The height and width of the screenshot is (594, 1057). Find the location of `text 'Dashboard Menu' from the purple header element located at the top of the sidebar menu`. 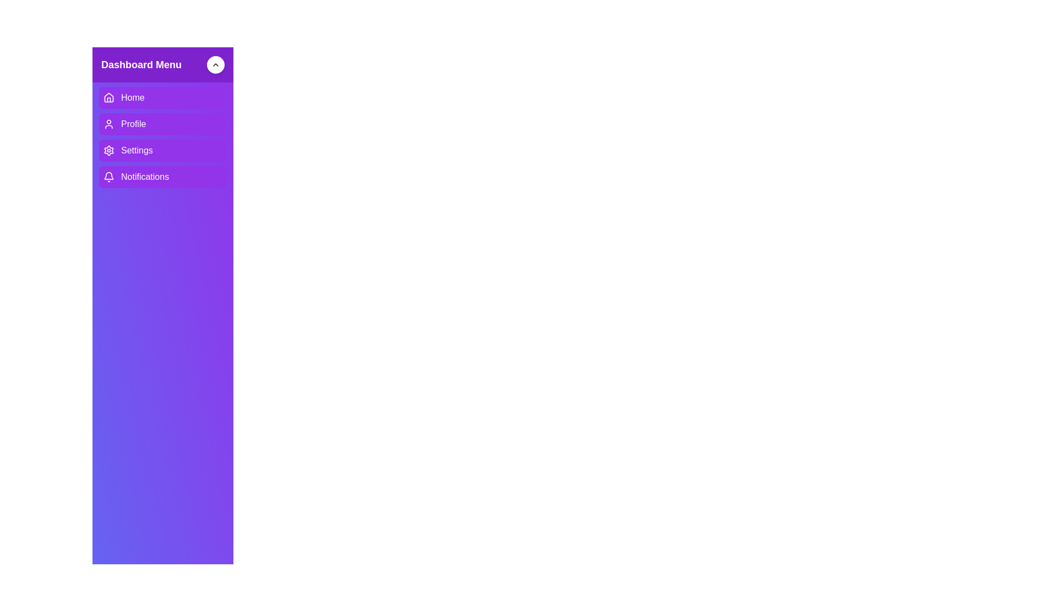

text 'Dashboard Menu' from the purple header element located at the top of the sidebar menu is located at coordinates (162, 65).